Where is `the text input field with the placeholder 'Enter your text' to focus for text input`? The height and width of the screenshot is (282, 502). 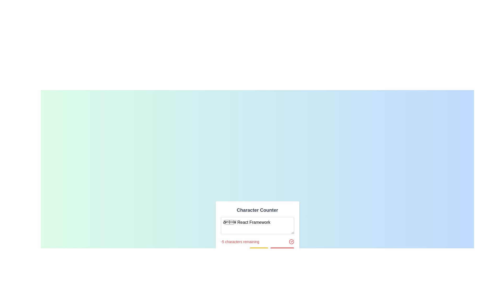
the text input field with the placeholder 'Enter your text' to focus for text input is located at coordinates (257, 225).